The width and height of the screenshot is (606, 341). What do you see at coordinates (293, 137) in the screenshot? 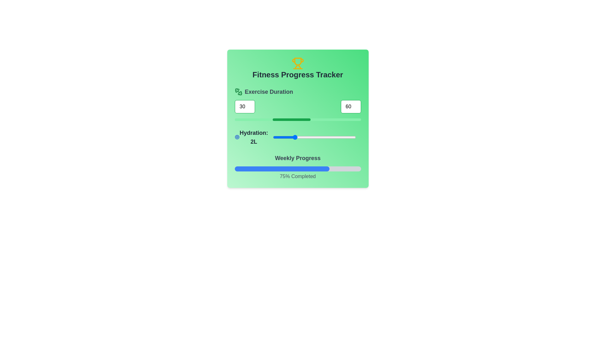
I see `the hydration level` at bounding box center [293, 137].